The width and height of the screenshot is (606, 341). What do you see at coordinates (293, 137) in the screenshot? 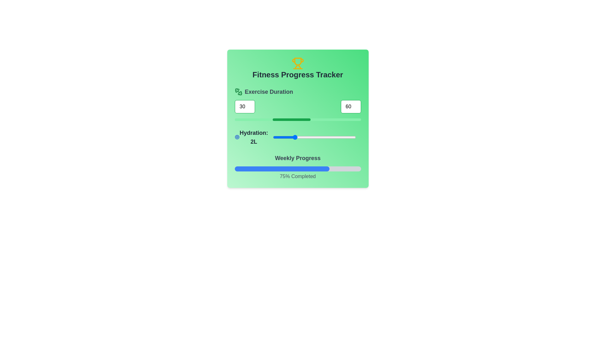
I see `the hydration level` at bounding box center [293, 137].